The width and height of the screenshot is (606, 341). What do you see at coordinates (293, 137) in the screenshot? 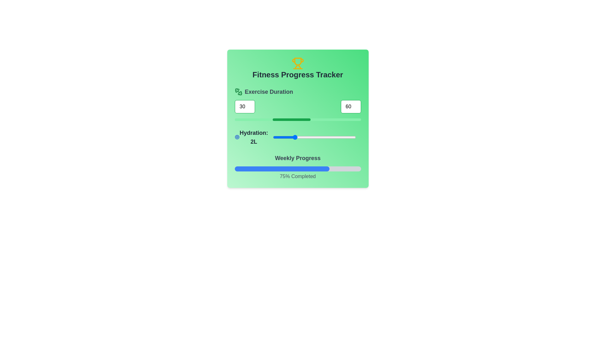
I see `the hydration level` at bounding box center [293, 137].